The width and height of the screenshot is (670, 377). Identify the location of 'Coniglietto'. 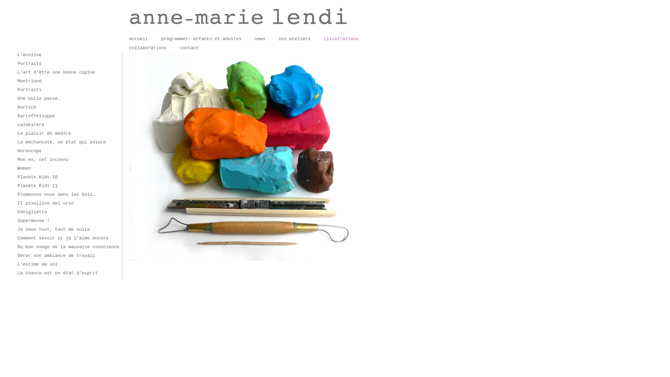
(31, 212).